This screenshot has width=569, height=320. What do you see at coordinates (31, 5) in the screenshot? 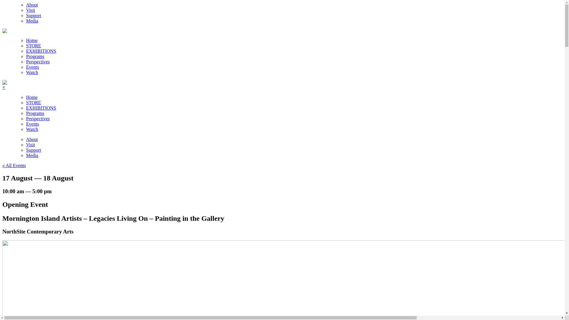
I see `'About'` at bounding box center [31, 5].